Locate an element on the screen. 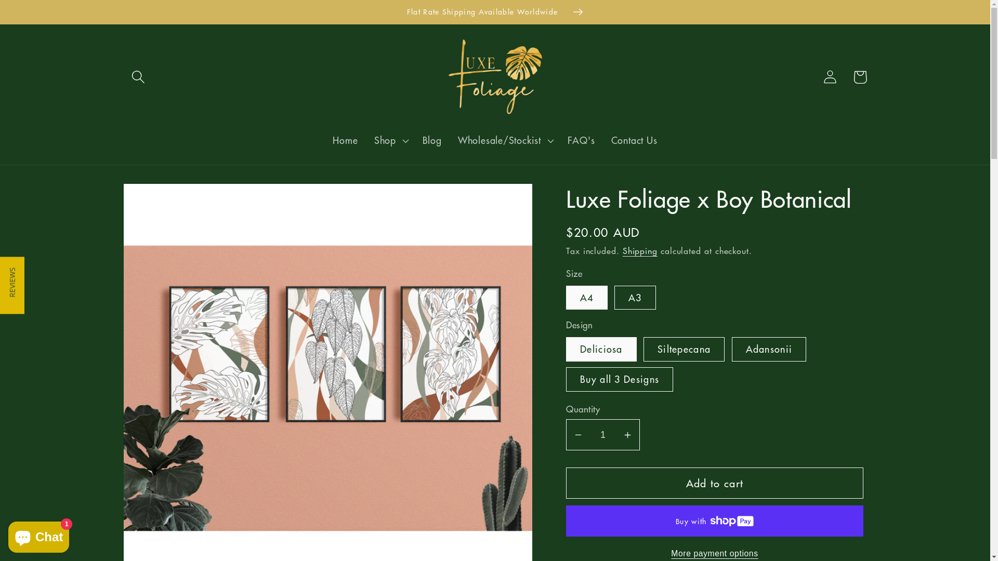  'Cart' is located at coordinates (860, 76).